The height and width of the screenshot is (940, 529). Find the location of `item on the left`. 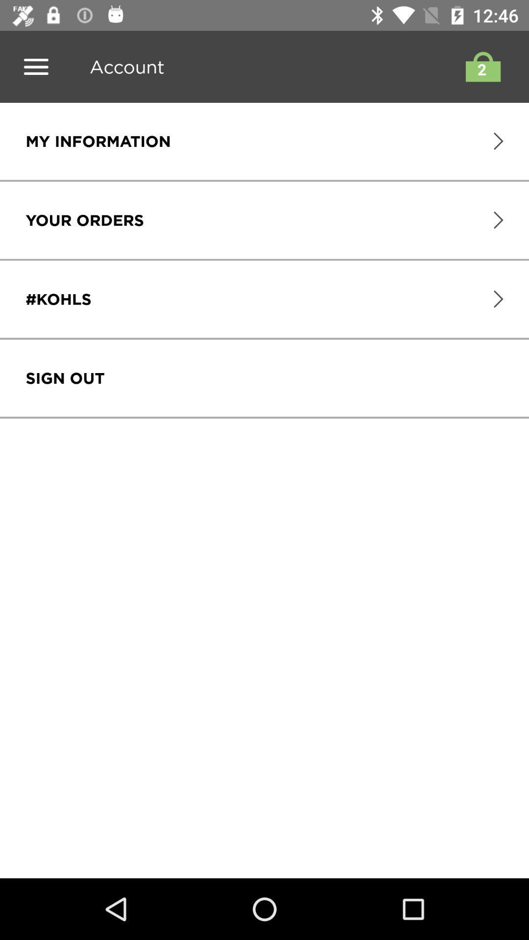

item on the left is located at coordinates (65, 377).